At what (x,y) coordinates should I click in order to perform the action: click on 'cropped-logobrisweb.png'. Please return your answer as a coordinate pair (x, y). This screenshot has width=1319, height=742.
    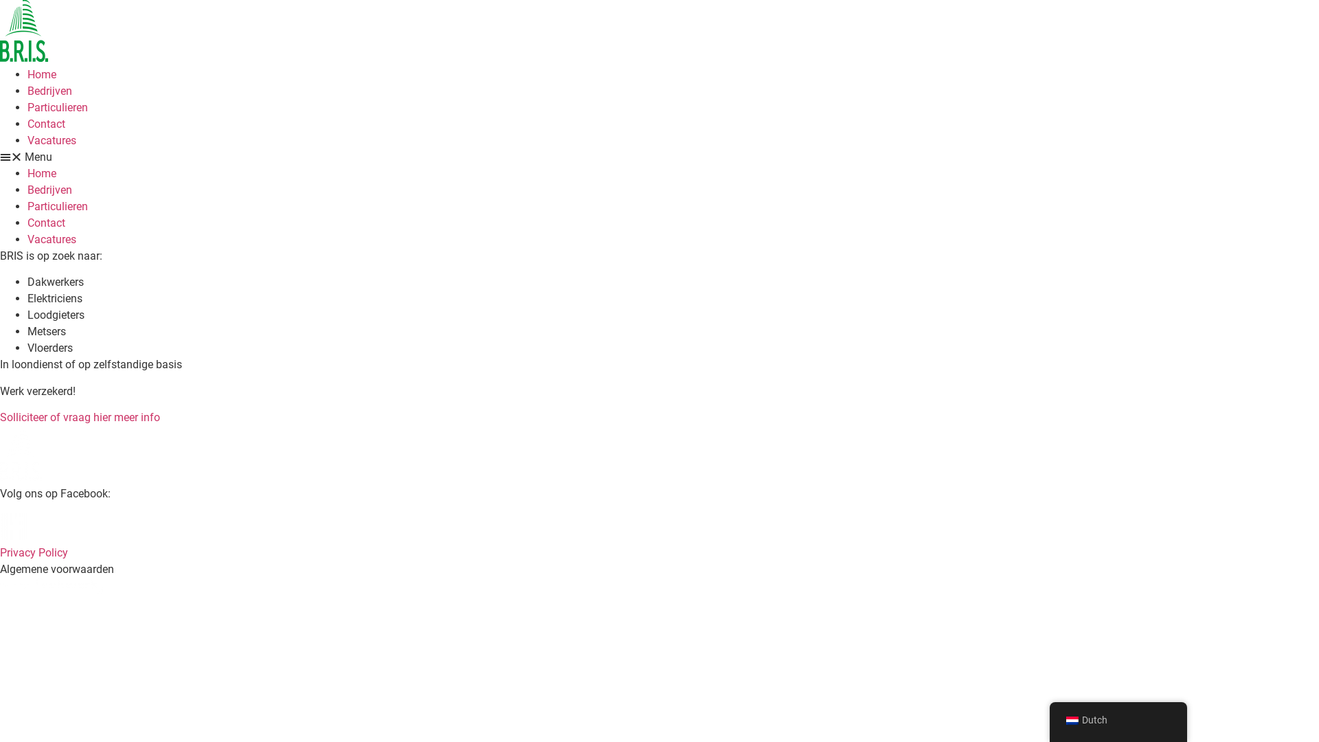
    Looking at the image, I should click on (23, 31).